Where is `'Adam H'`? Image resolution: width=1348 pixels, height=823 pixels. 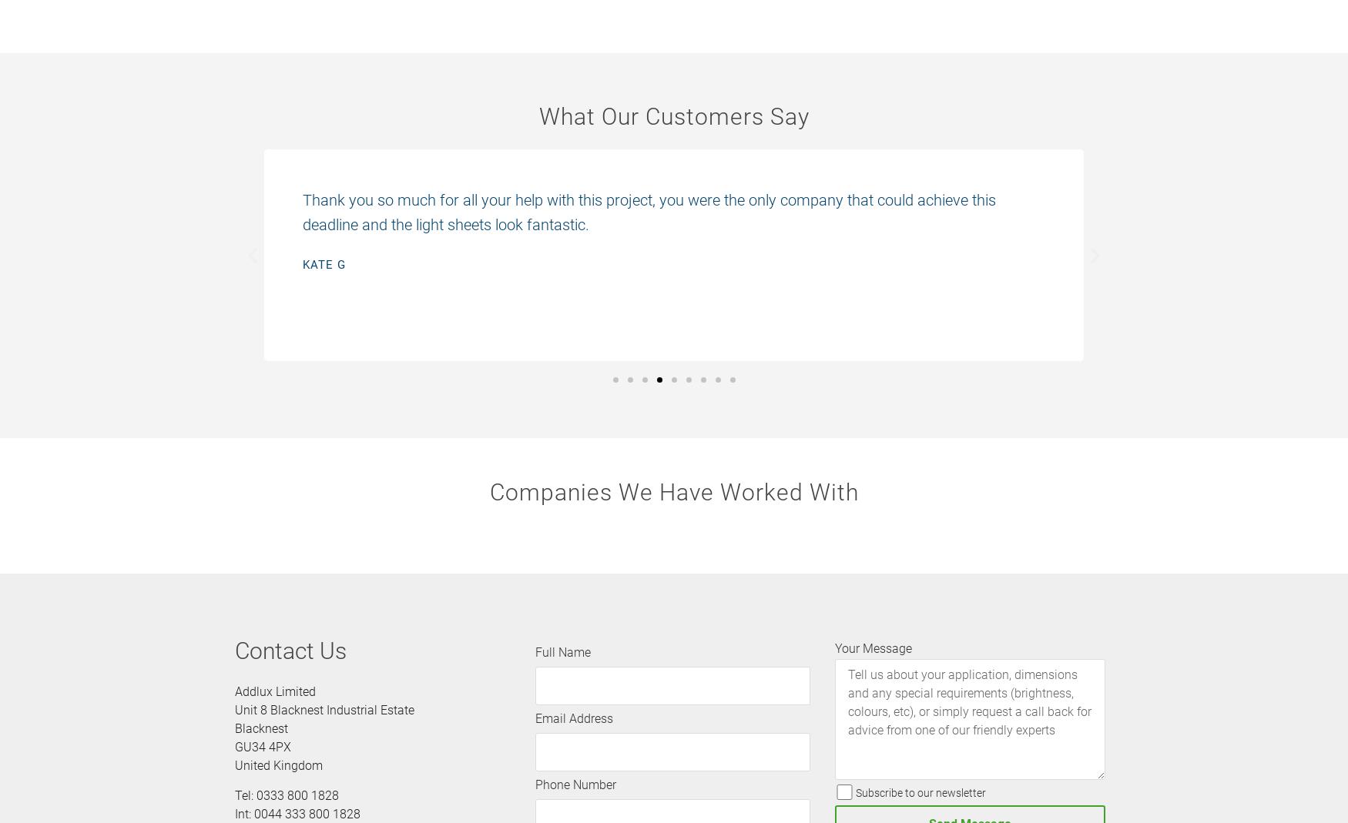 'Adam H' is located at coordinates (1155, 238).